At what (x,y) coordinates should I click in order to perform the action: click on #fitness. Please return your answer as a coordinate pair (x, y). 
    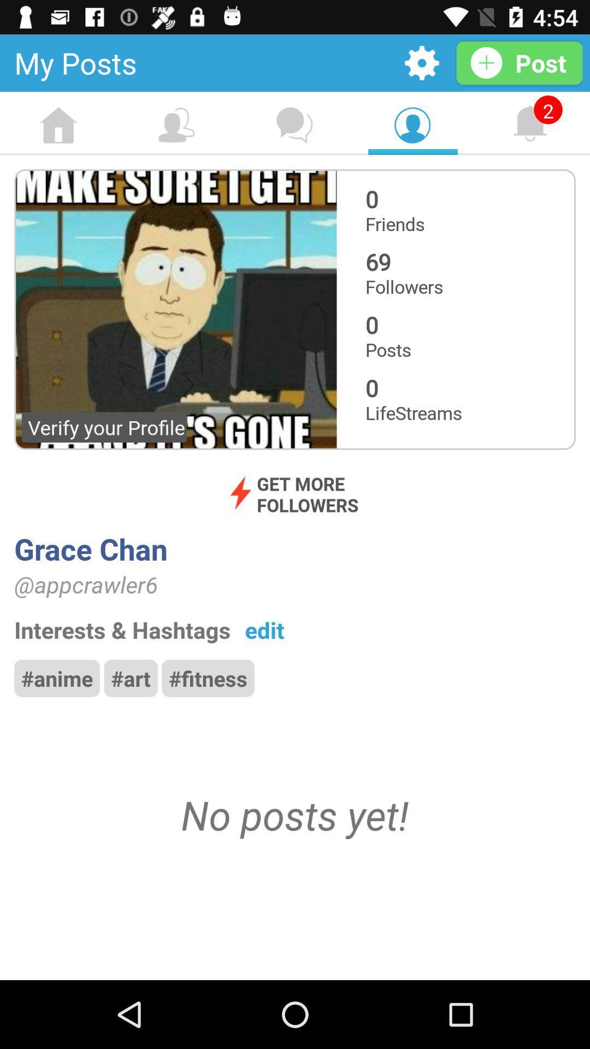
    Looking at the image, I should click on (208, 677).